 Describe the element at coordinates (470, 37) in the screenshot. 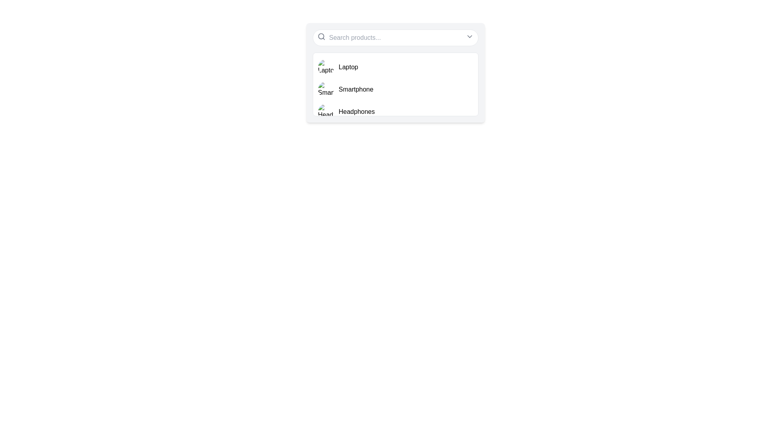

I see `the downward-pointing chevron icon` at that location.